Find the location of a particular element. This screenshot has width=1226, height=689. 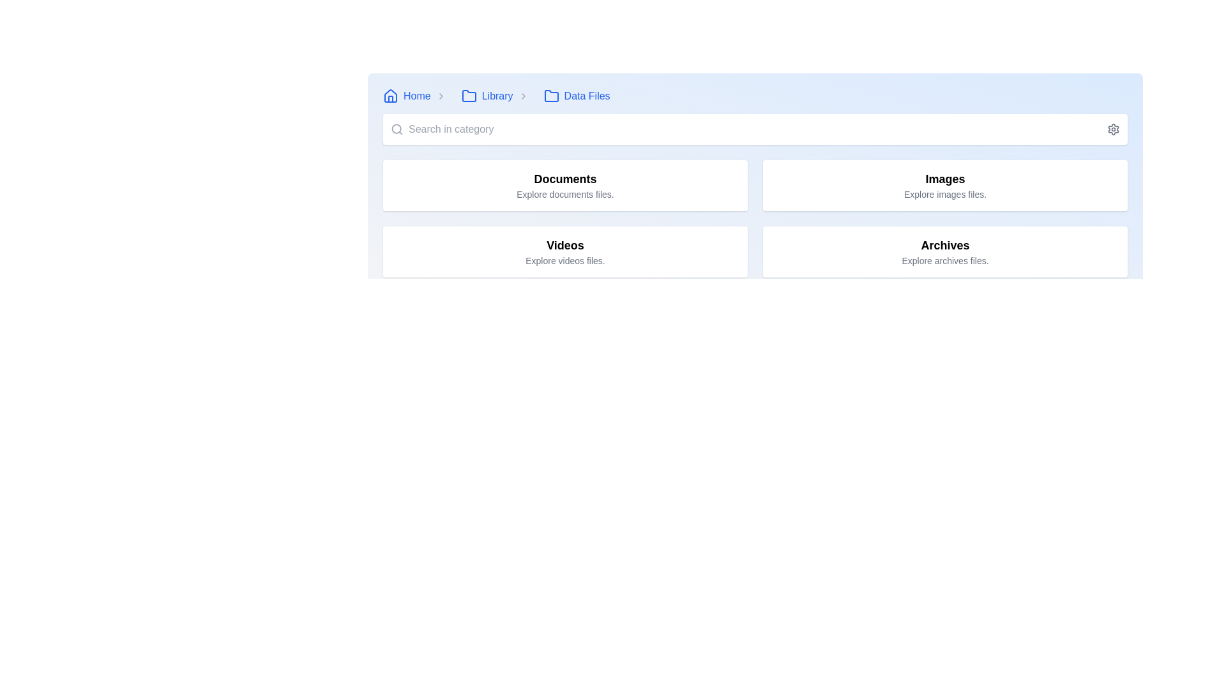

the 'Home' text label in the navigation bar is located at coordinates (417, 95).